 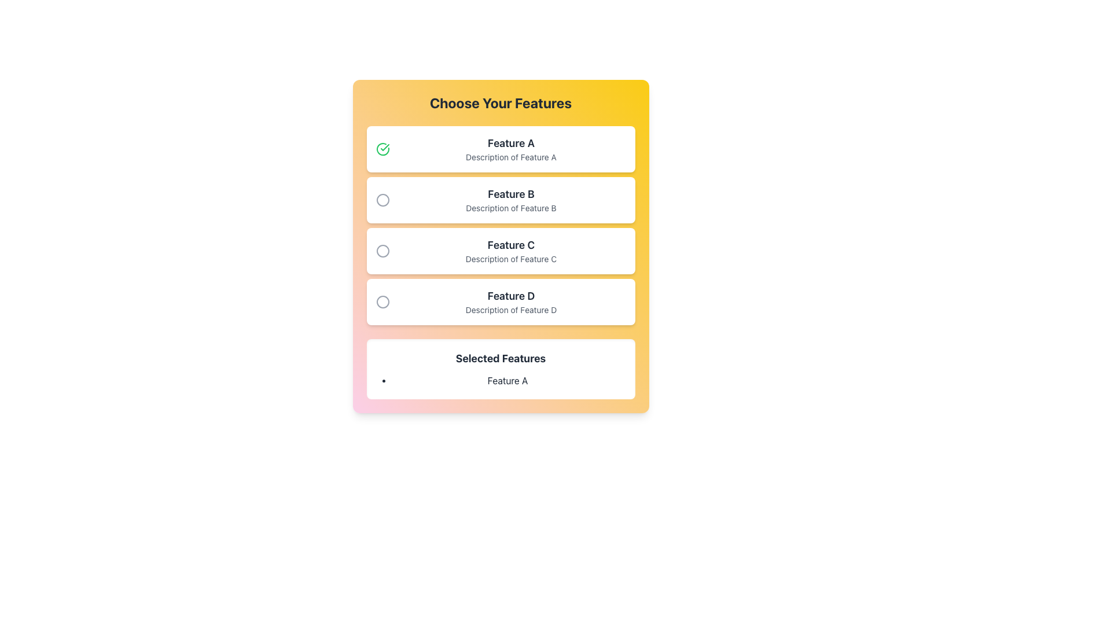 I want to click on the inner circle of the radio button representing 'Feature B', so click(x=382, y=200).